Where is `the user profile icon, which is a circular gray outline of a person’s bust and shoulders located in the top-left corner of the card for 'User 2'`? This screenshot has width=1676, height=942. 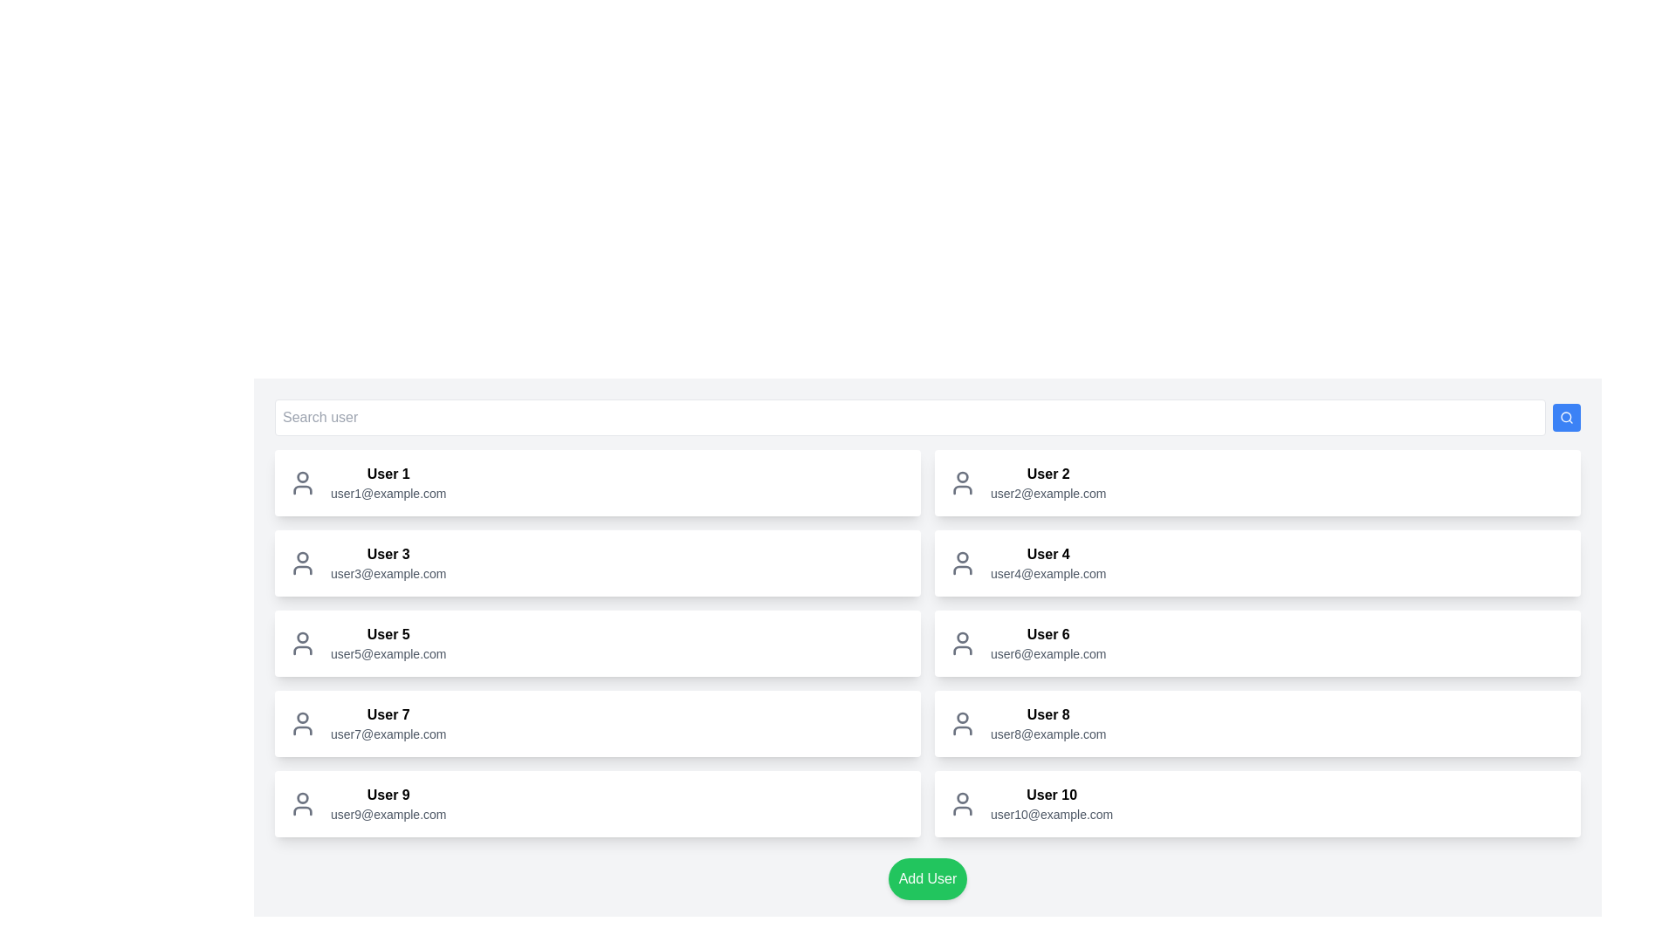 the user profile icon, which is a circular gray outline of a person’s bust and shoulders located in the top-left corner of the card for 'User 2' is located at coordinates (962, 483).